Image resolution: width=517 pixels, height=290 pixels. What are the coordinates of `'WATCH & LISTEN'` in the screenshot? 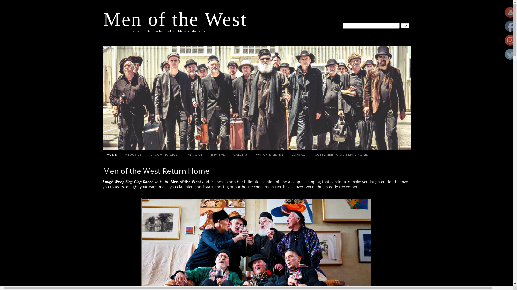 It's located at (270, 154).